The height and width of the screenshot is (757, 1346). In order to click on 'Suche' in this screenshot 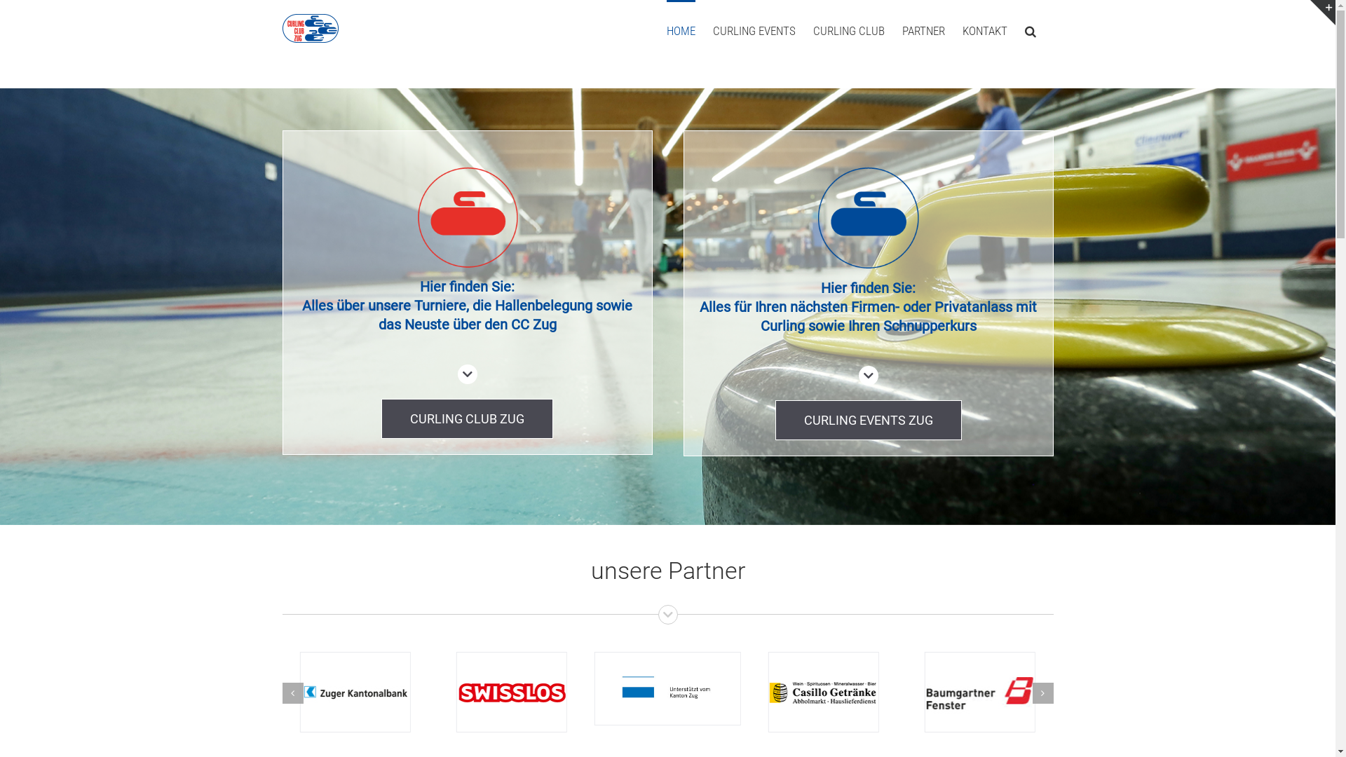, I will do `click(1030, 29)`.